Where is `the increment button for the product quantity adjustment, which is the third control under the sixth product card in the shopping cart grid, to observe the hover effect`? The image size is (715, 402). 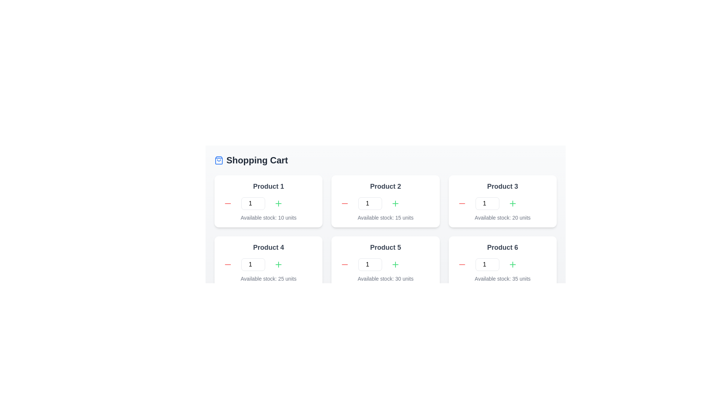
the increment button for the product quantity adjustment, which is the third control under the sixth product card in the shopping cart grid, to observe the hover effect is located at coordinates (512, 264).